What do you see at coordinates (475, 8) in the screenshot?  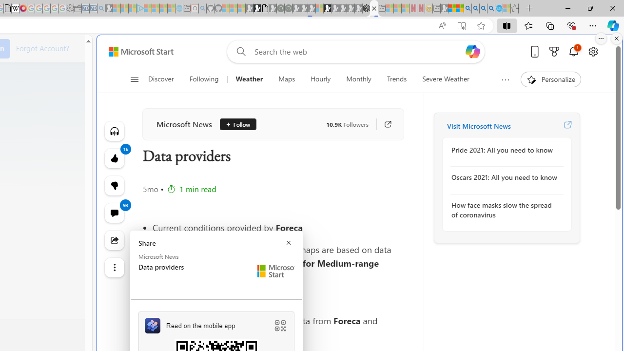 I see `'2009 Bing officially replaced Live Search on June 3 - Search'` at bounding box center [475, 8].